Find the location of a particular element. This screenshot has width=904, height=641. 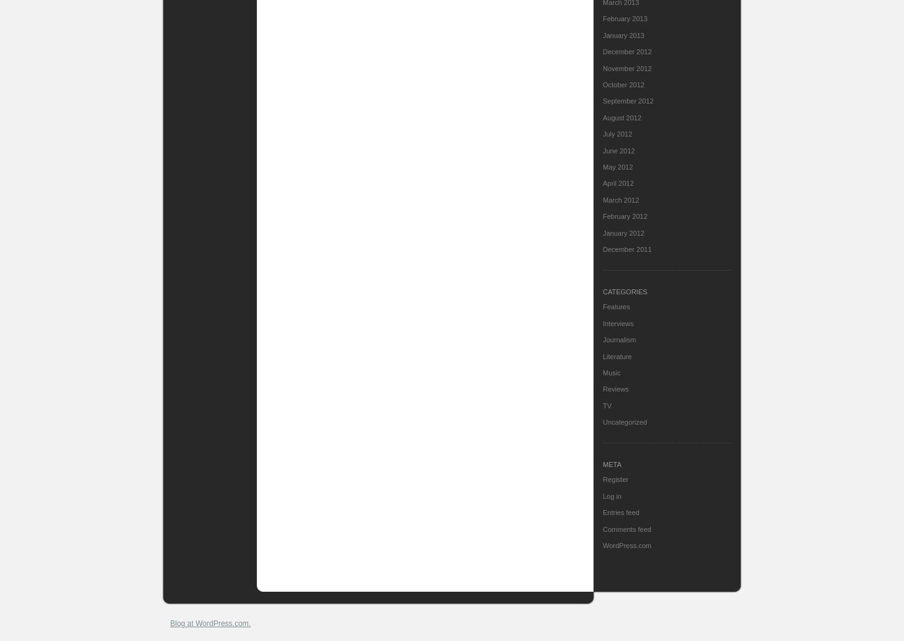

'October 2012' is located at coordinates (623, 85).